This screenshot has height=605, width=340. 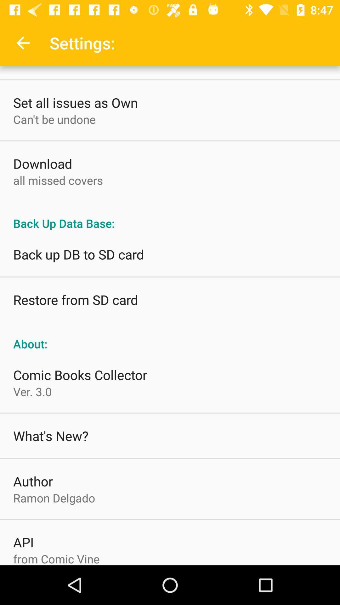 I want to click on item above set all issues icon, so click(x=23, y=43).